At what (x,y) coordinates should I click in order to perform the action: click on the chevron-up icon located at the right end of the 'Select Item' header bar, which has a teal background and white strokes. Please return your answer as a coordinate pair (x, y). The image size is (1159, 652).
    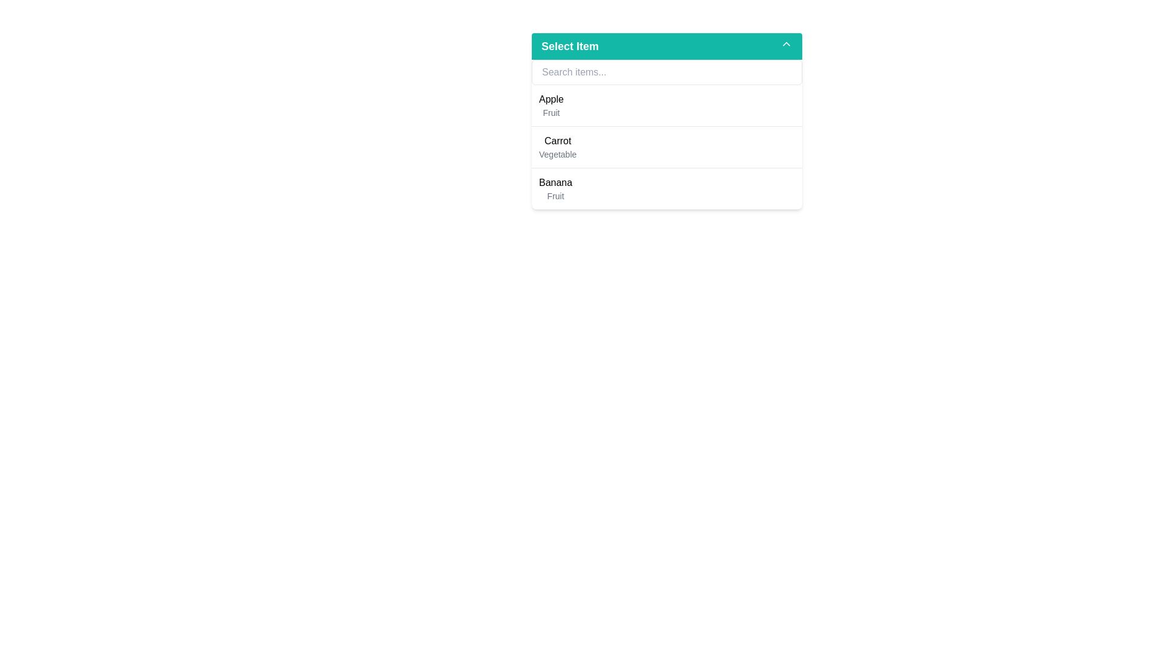
    Looking at the image, I should click on (786, 43).